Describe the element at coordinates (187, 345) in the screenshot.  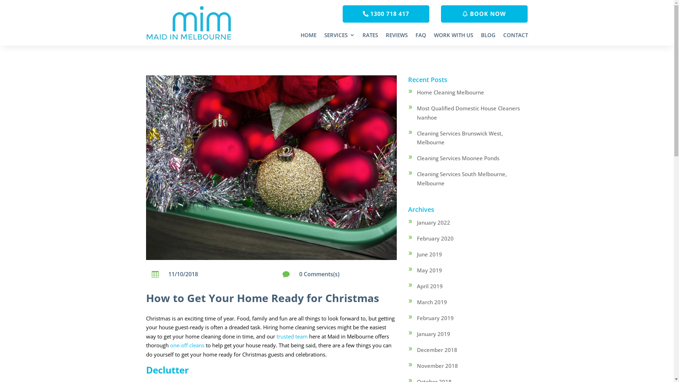
I see `'one-off cleans'` at that location.